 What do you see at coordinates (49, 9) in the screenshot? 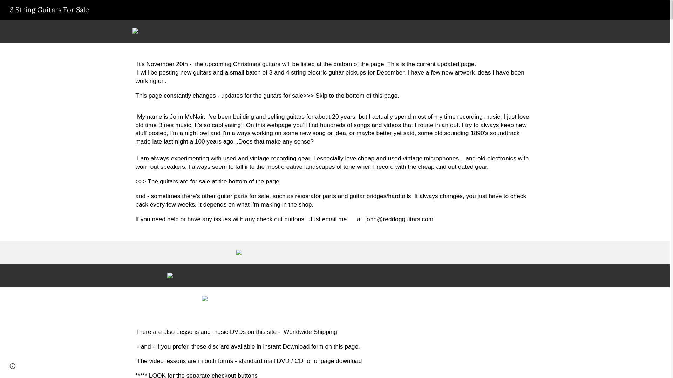
I see `'3 String Guitars For Sale'` at bounding box center [49, 9].